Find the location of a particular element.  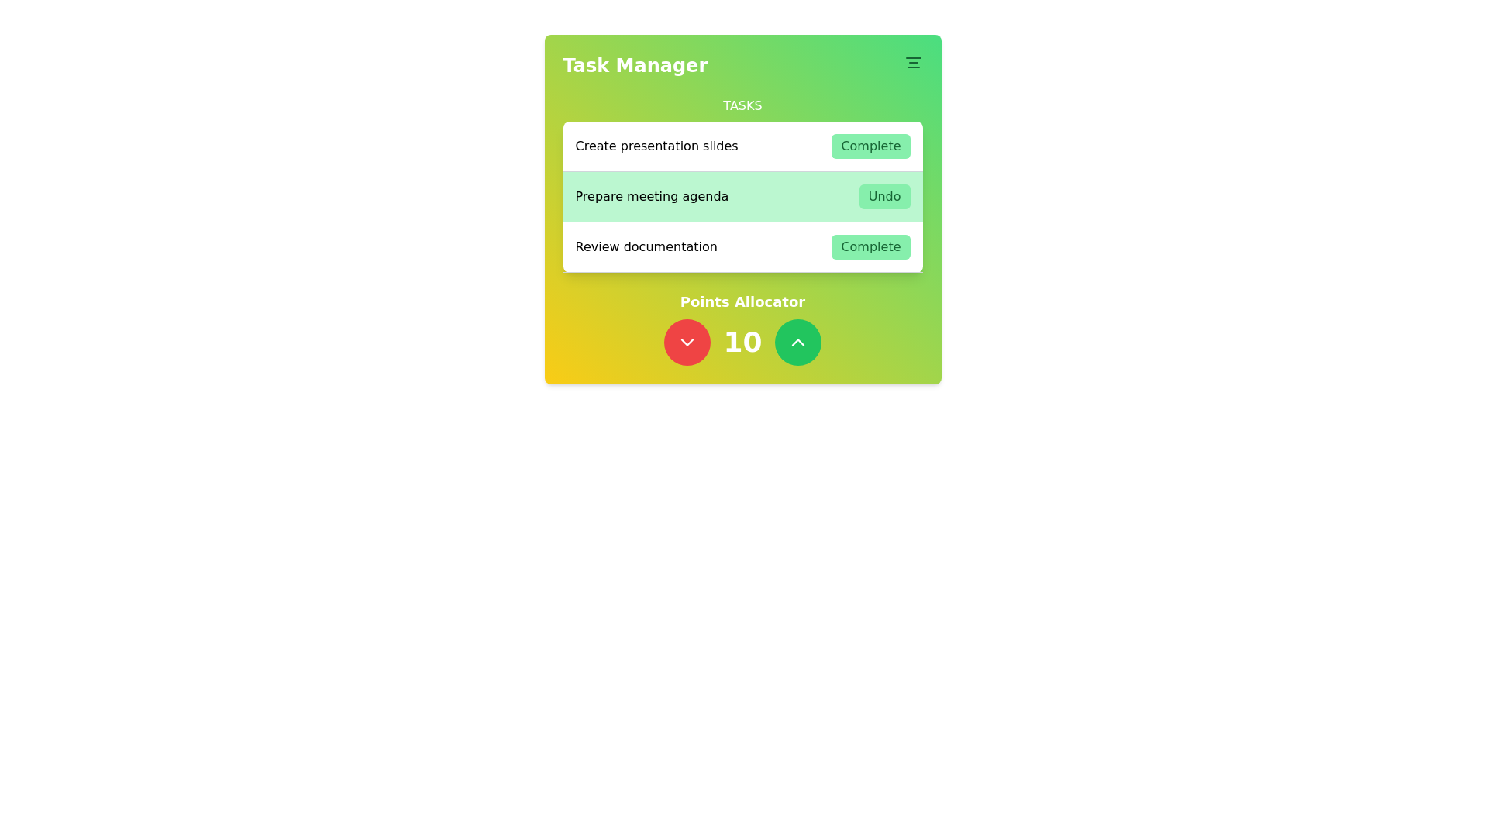

the second task title text label in the pale green panel under the main heading labeled 'Tasks', which is horizontally aligned with the 'Undo' button is located at coordinates (652, 196).